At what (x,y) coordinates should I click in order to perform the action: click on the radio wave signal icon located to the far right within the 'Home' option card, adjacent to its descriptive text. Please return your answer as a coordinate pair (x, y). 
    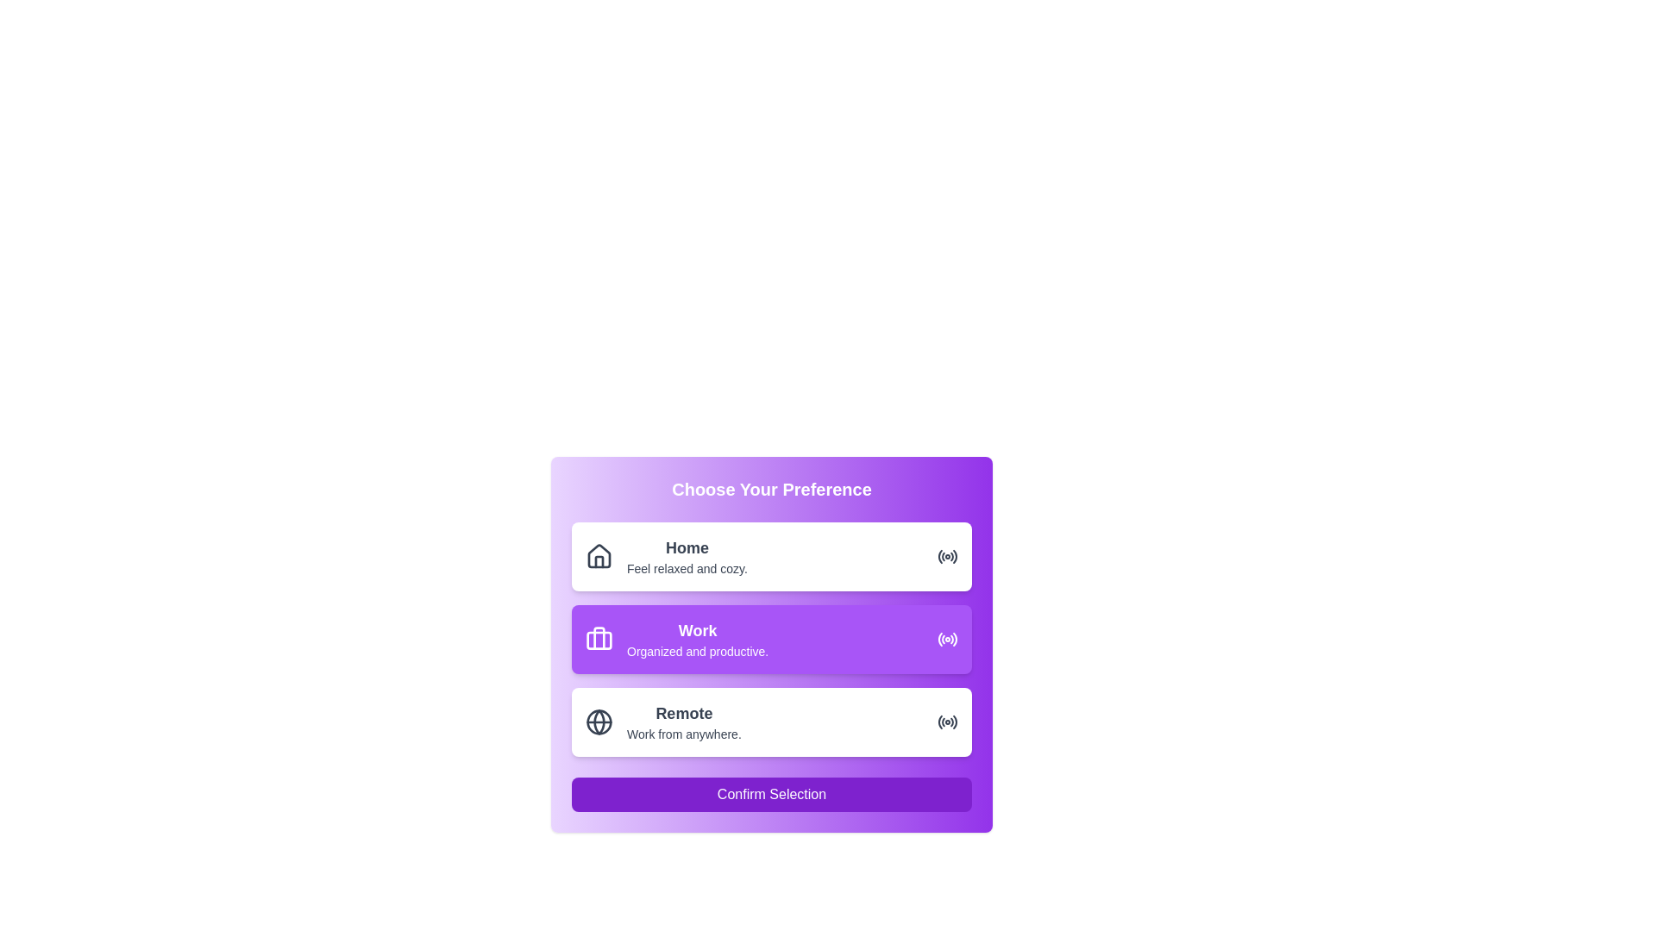
    Looking at the image, I should click on (947, 556).